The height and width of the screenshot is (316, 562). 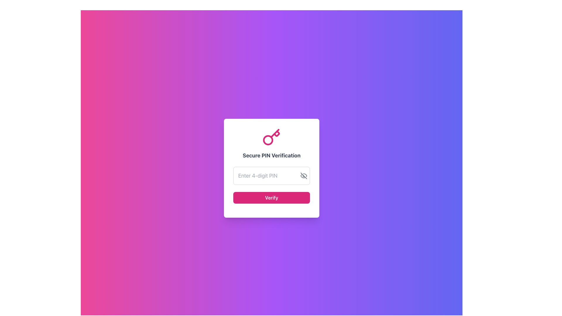 I want to click on the security key icon located at the top-center of the white rectangular card, above the 'Secure PIN Verification' text, so click(x=271, y=138).